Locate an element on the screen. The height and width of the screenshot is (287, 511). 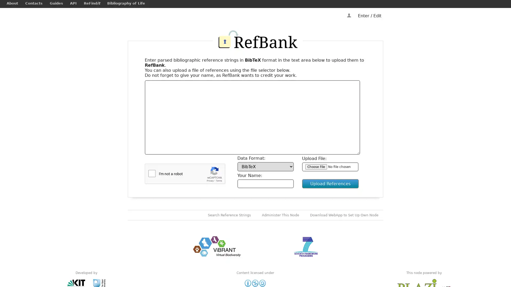
Upload References is located at coordinates (330, 183).